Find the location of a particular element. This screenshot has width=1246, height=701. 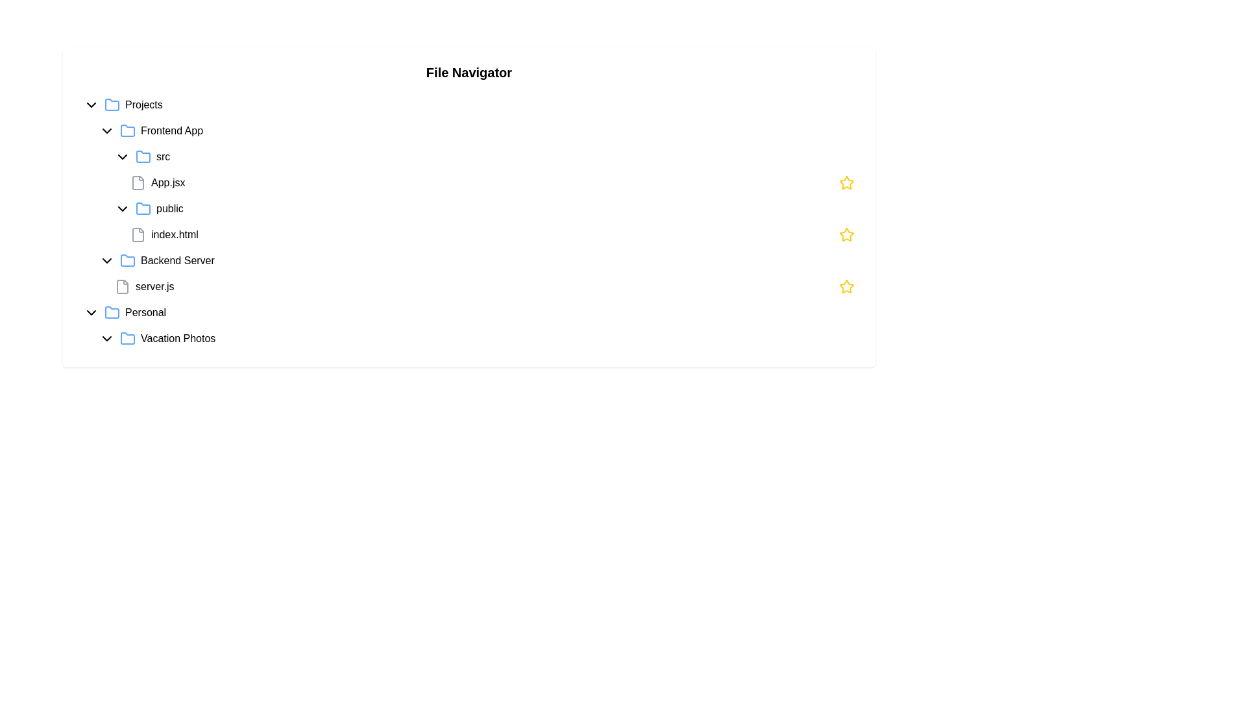

the text-based UI element displaying the file name 'index.html', which is styled in black and positioned to the right of a file icon in the file navigator is located at coordinates (174, 235).